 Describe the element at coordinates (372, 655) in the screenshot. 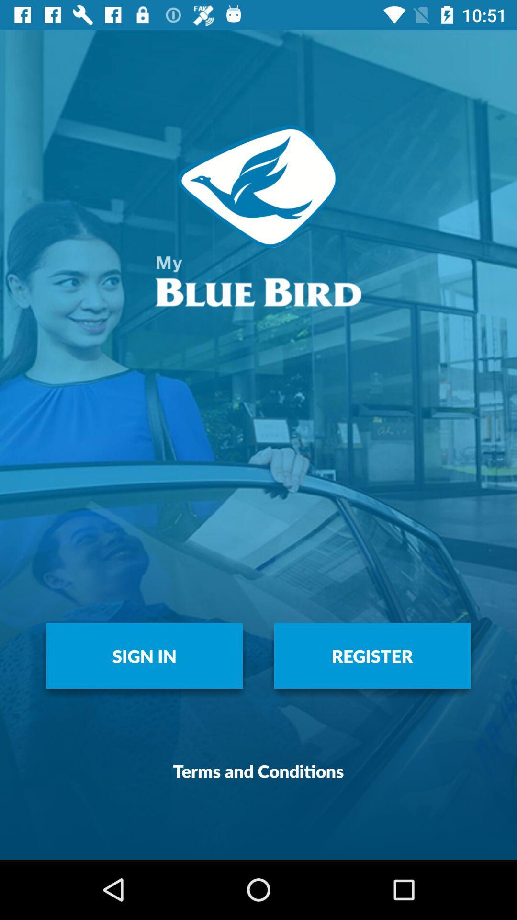

I see `the icon at the bottom right corner` at that location.